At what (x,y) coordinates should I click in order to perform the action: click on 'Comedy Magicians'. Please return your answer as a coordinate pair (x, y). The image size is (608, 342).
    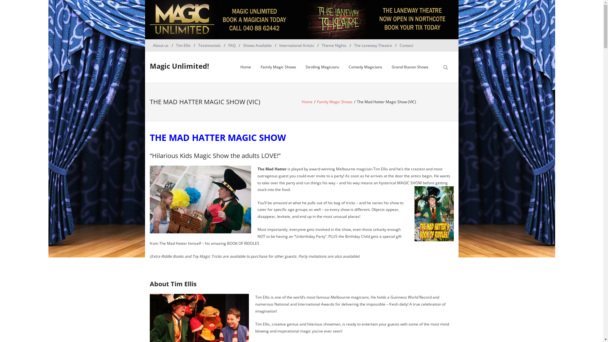
    Looking at the image, I should click on (365, 67).